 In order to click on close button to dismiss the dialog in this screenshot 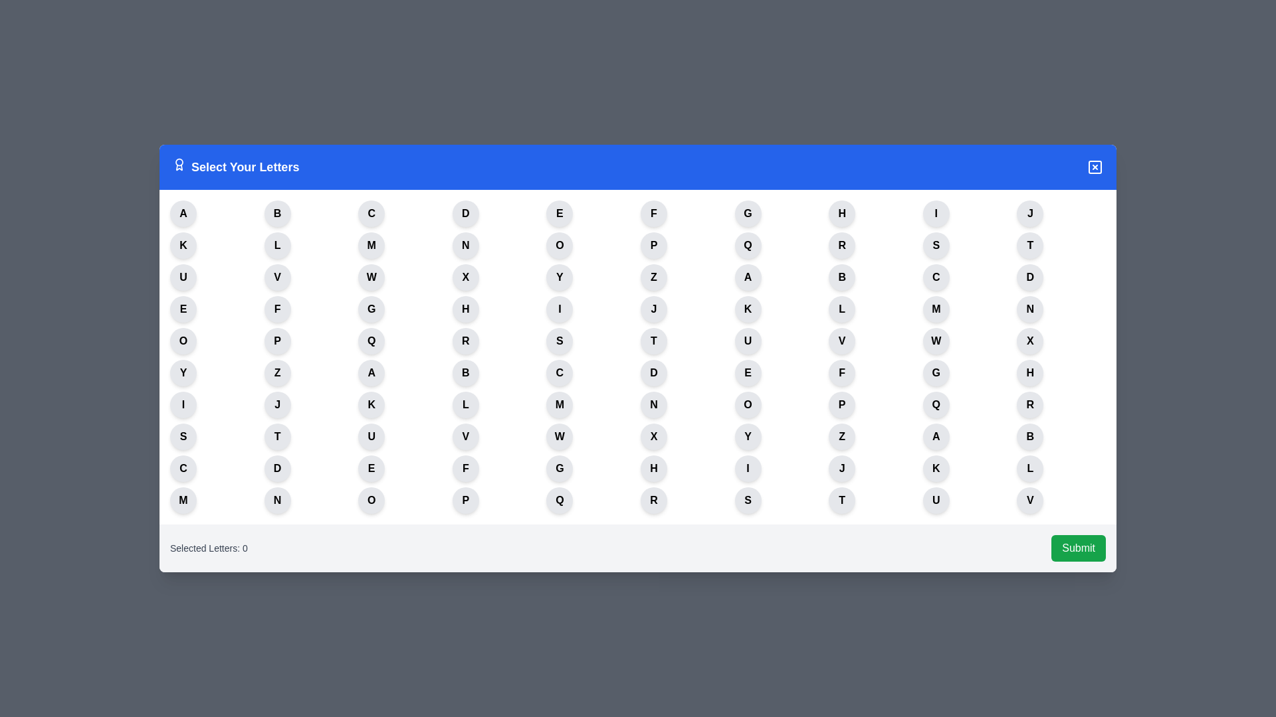, I will do `click(1095, 166)`.